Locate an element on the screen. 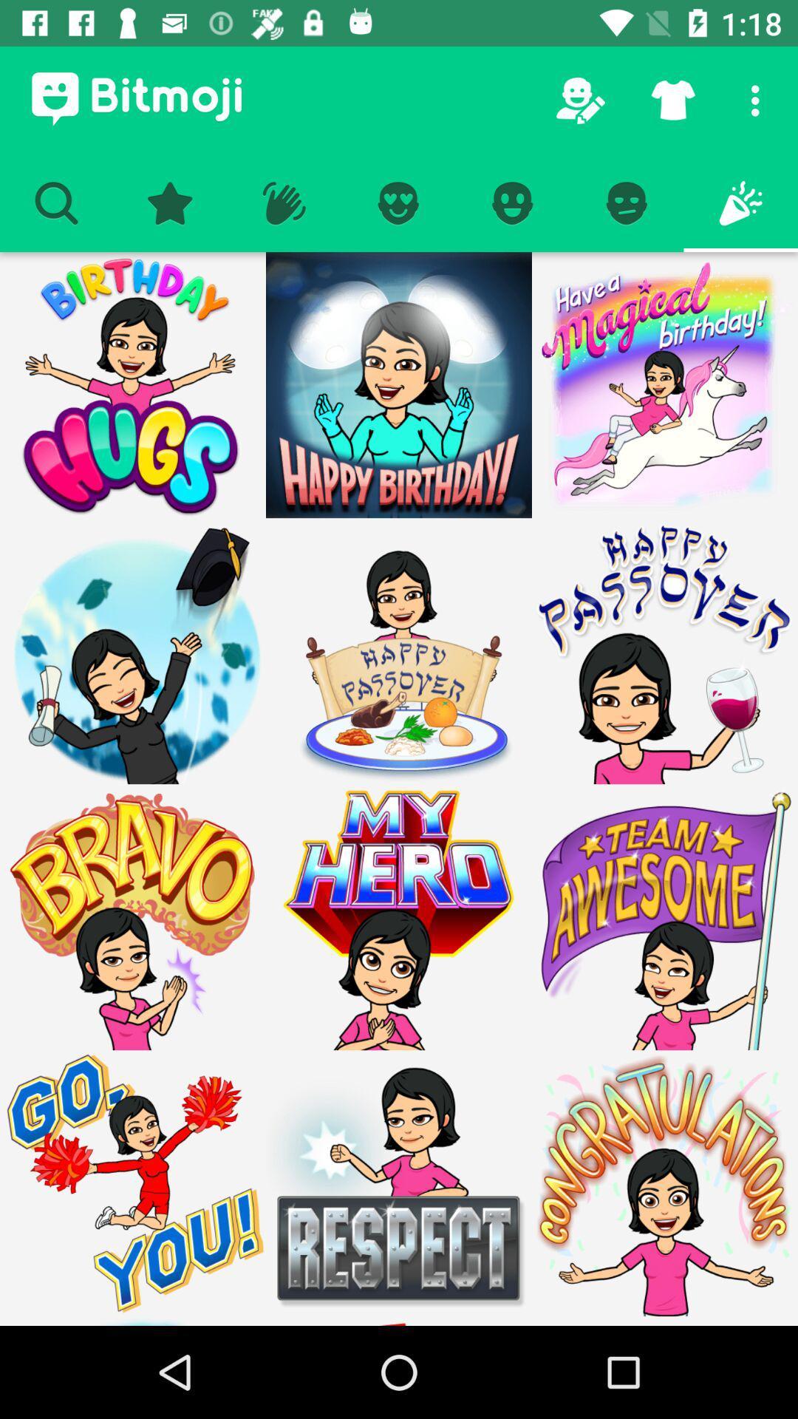 The width and height of the screenshot is (798, 1419). use selected emoji is located at coordinates (133, 385).